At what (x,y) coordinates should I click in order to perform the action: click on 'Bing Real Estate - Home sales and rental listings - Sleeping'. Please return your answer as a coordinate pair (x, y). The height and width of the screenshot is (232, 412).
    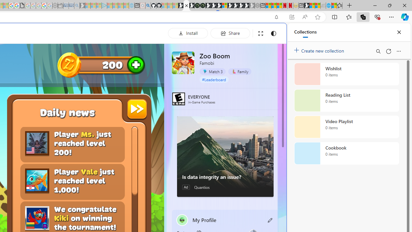
    Looking at the image, I should click on (77, 5).